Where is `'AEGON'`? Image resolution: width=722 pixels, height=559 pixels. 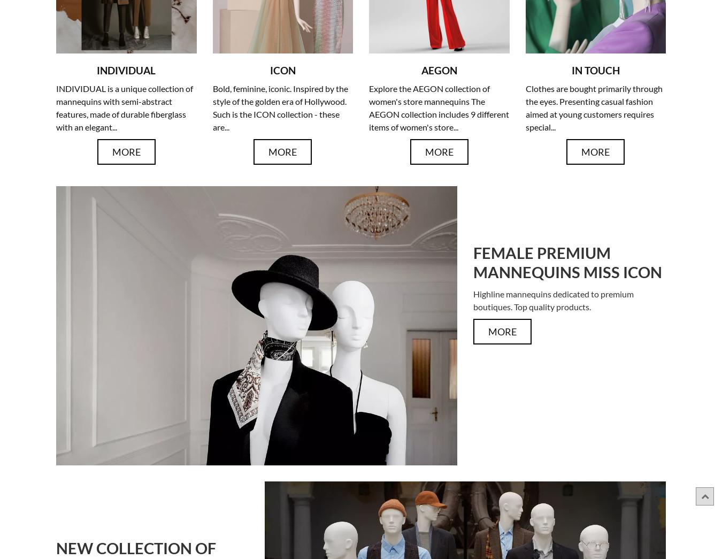
'AEGON' is located at coordinates (439, 70).